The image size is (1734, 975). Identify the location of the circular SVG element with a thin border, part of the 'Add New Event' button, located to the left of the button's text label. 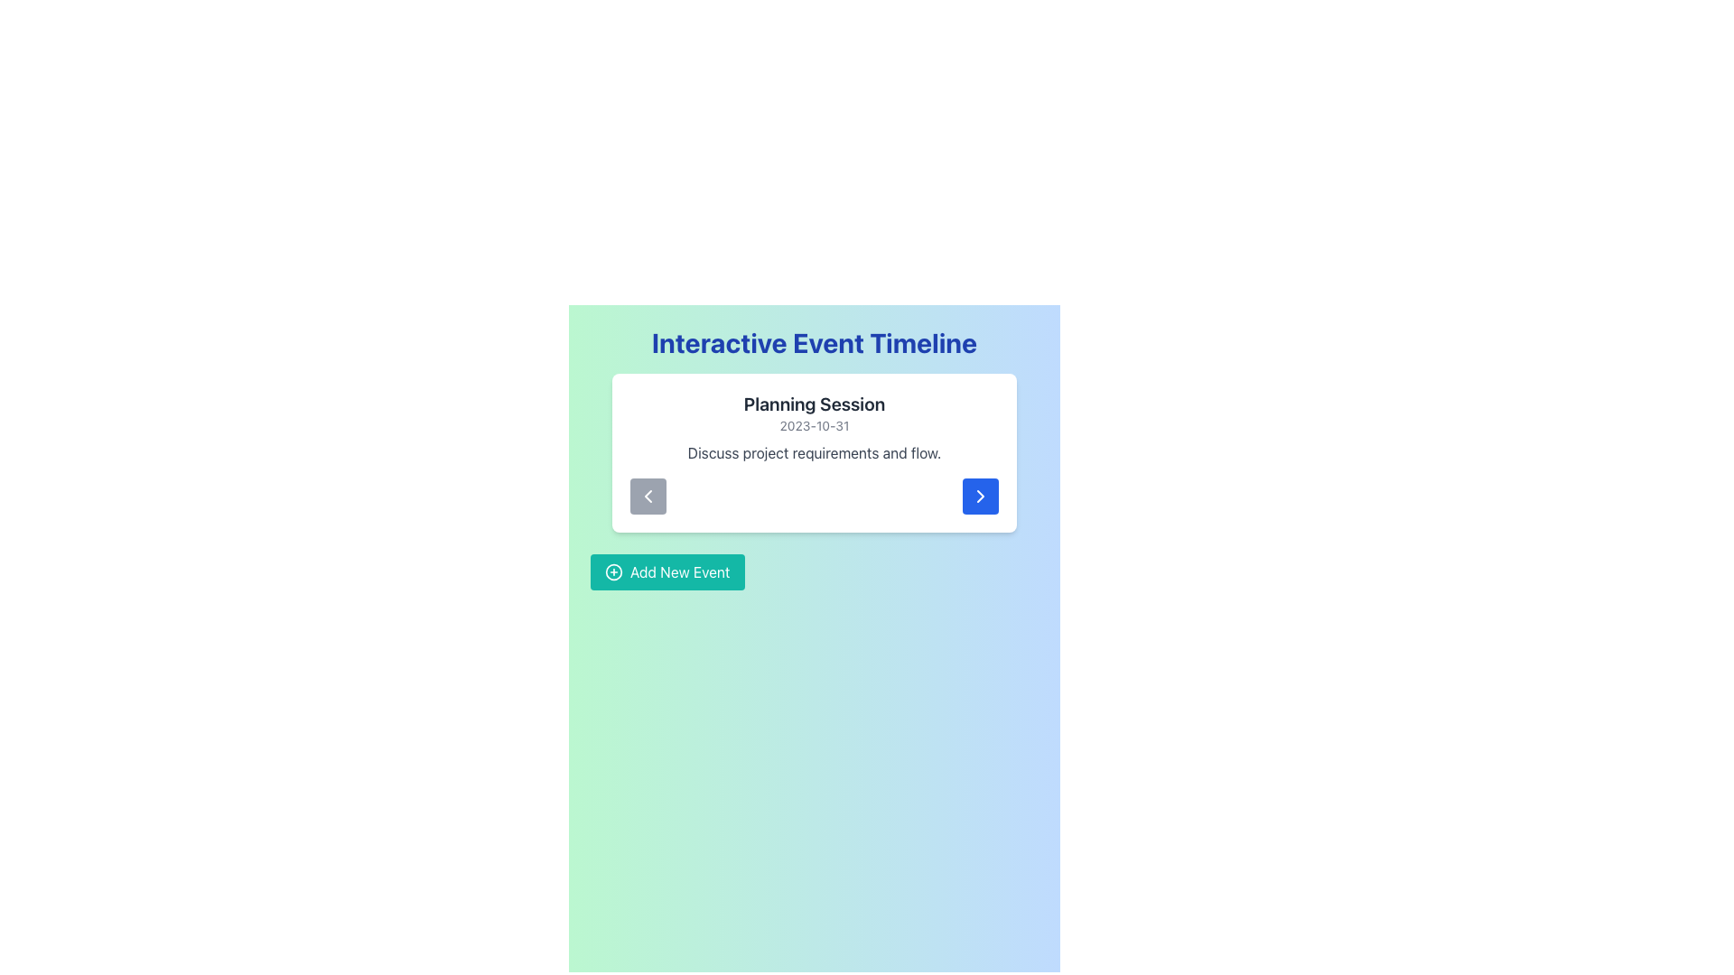
(614, 571).